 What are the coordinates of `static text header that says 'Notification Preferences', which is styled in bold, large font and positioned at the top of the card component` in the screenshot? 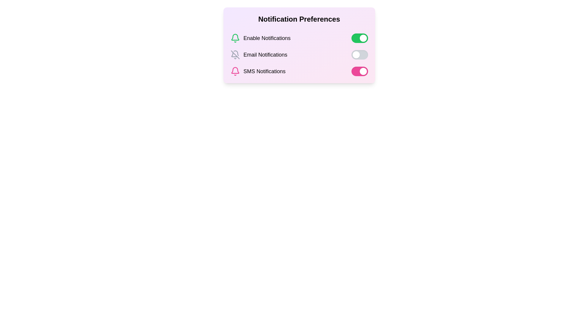 It's located at (299, 19).